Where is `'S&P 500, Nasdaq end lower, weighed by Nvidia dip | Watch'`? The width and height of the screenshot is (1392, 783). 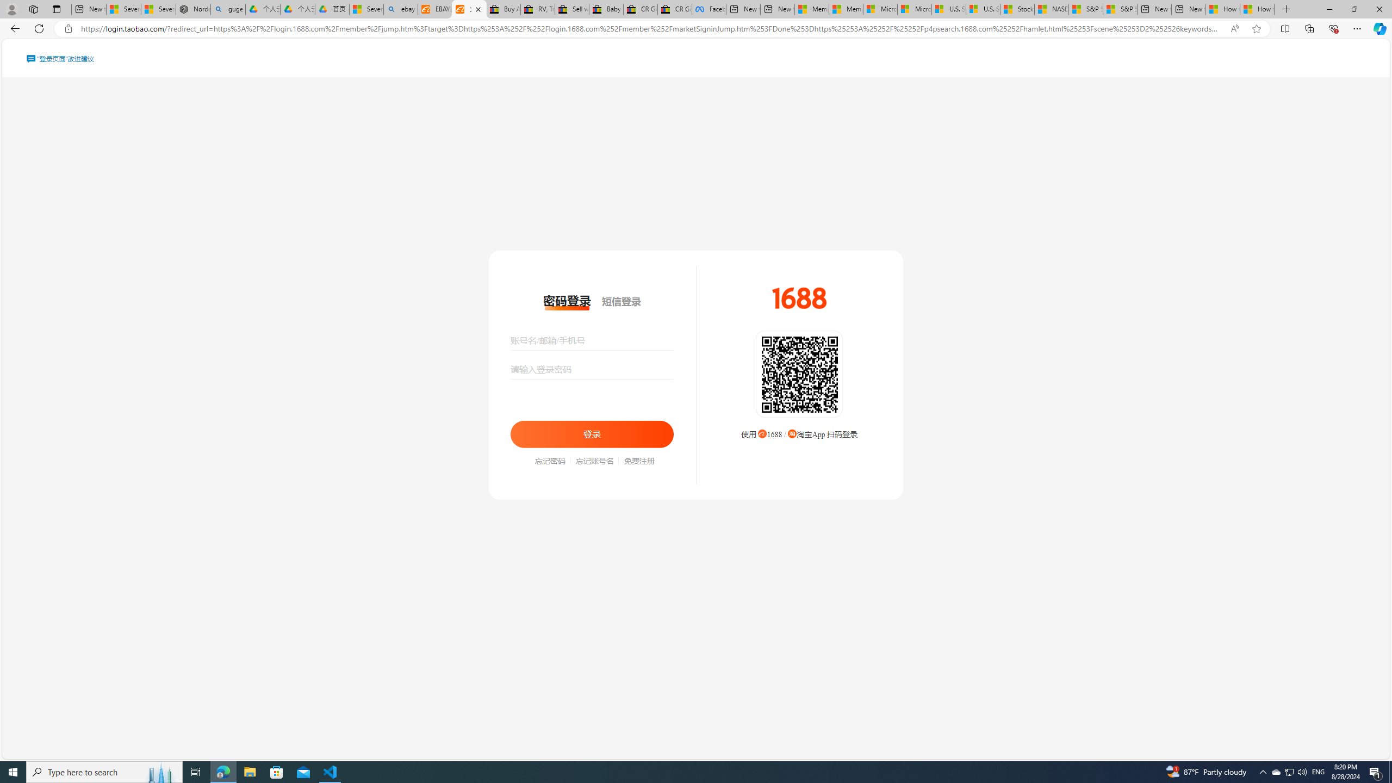
'S&P 500, Nasdaq end lower, weighed by Nvidia dip | Watch' is located at coordinates (1119, 9).